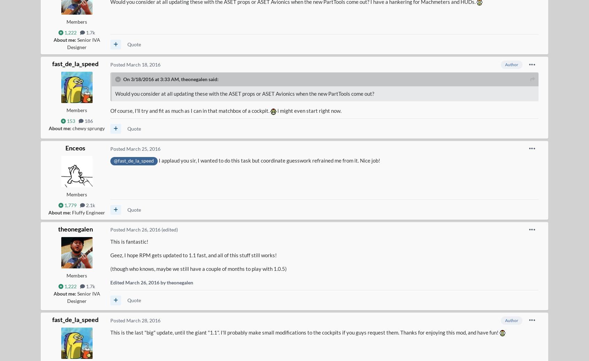  I want to click on 'March 25, 2016', so click(143, 148).